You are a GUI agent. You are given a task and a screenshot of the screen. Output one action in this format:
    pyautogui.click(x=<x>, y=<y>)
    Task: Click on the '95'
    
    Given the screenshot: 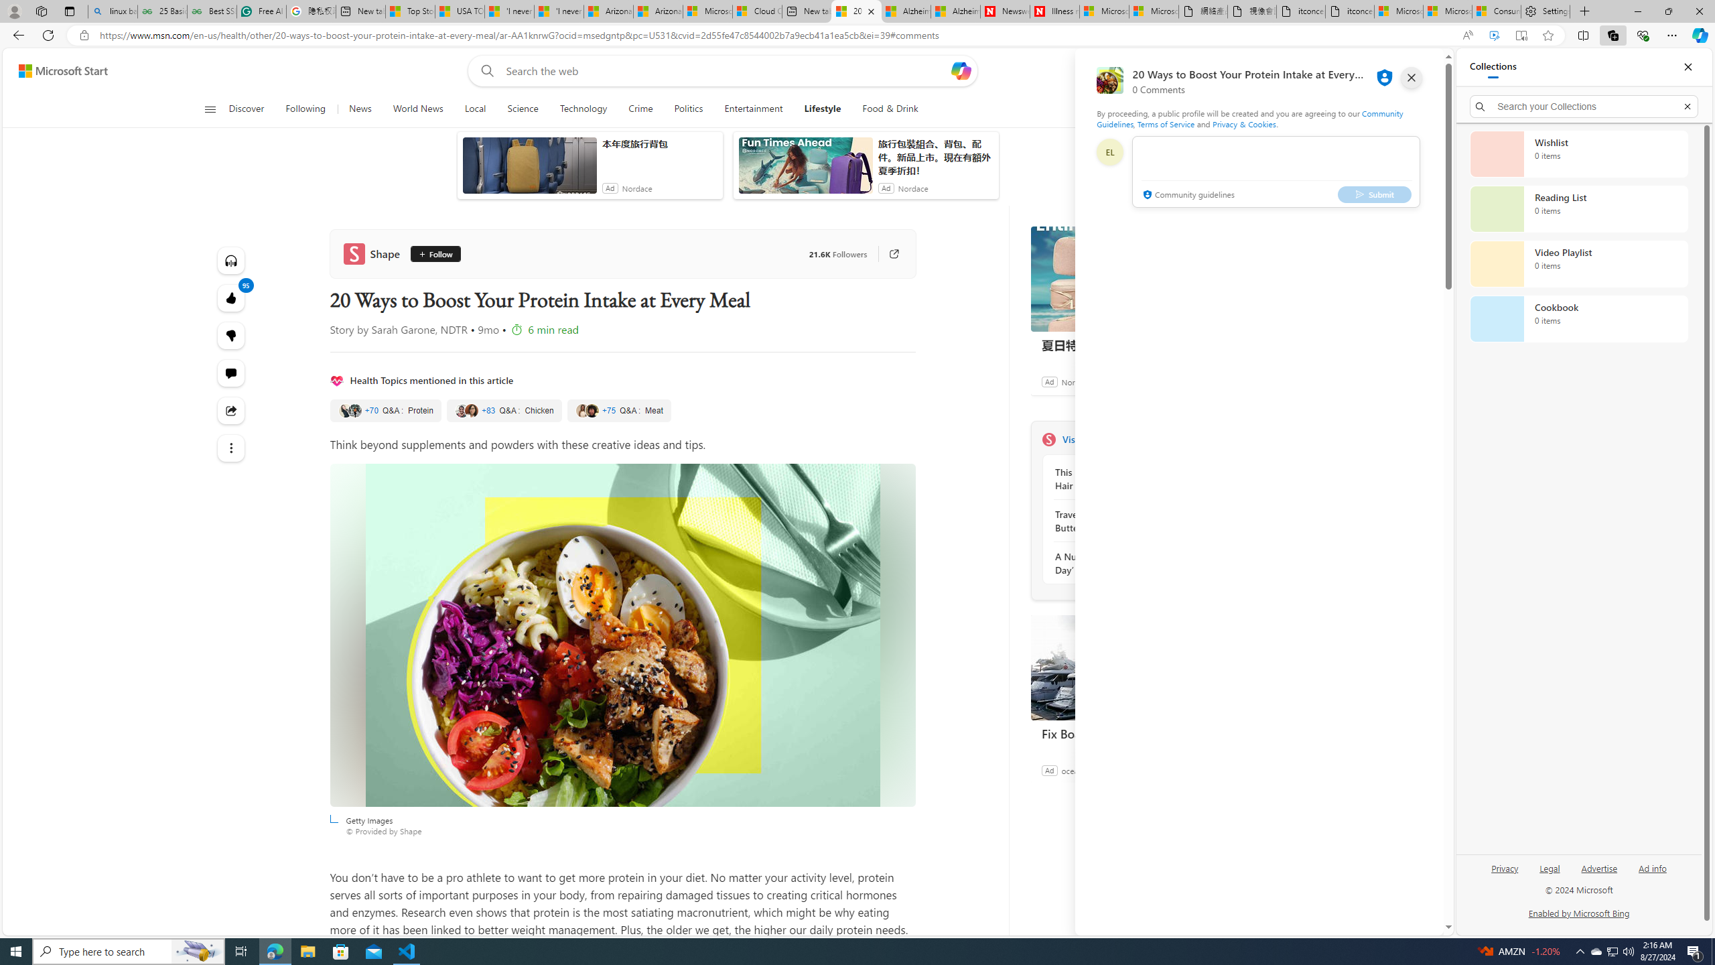 What is the action you would take?
    pyautogui.click(x=231, y=336)
    